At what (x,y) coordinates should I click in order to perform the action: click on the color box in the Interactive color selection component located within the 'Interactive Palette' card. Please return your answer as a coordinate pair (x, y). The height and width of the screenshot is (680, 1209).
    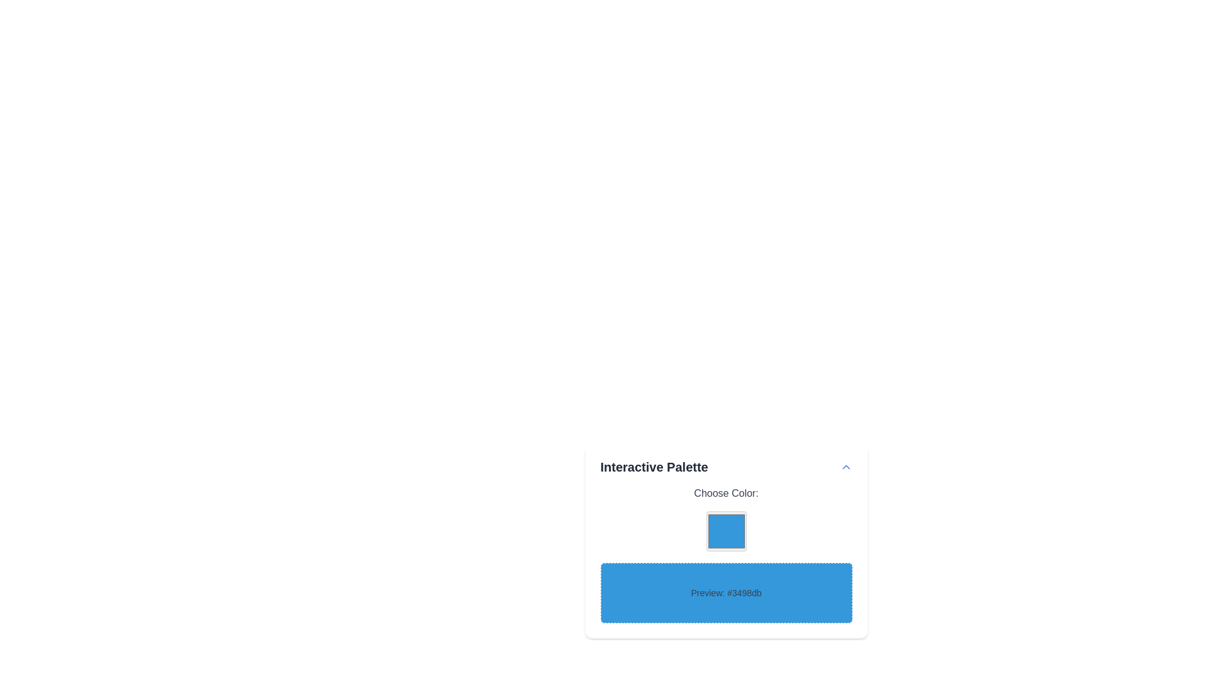
    Looking at the image, I should click on (726, 553).